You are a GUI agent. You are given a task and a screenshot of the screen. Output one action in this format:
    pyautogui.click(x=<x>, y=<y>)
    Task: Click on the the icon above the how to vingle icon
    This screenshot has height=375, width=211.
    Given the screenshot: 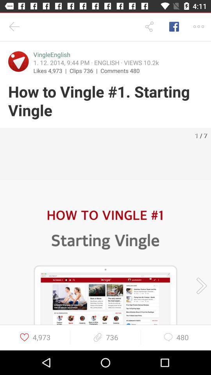 What is the action you would take?
    pyautogui.click(x=18, y=61)
    